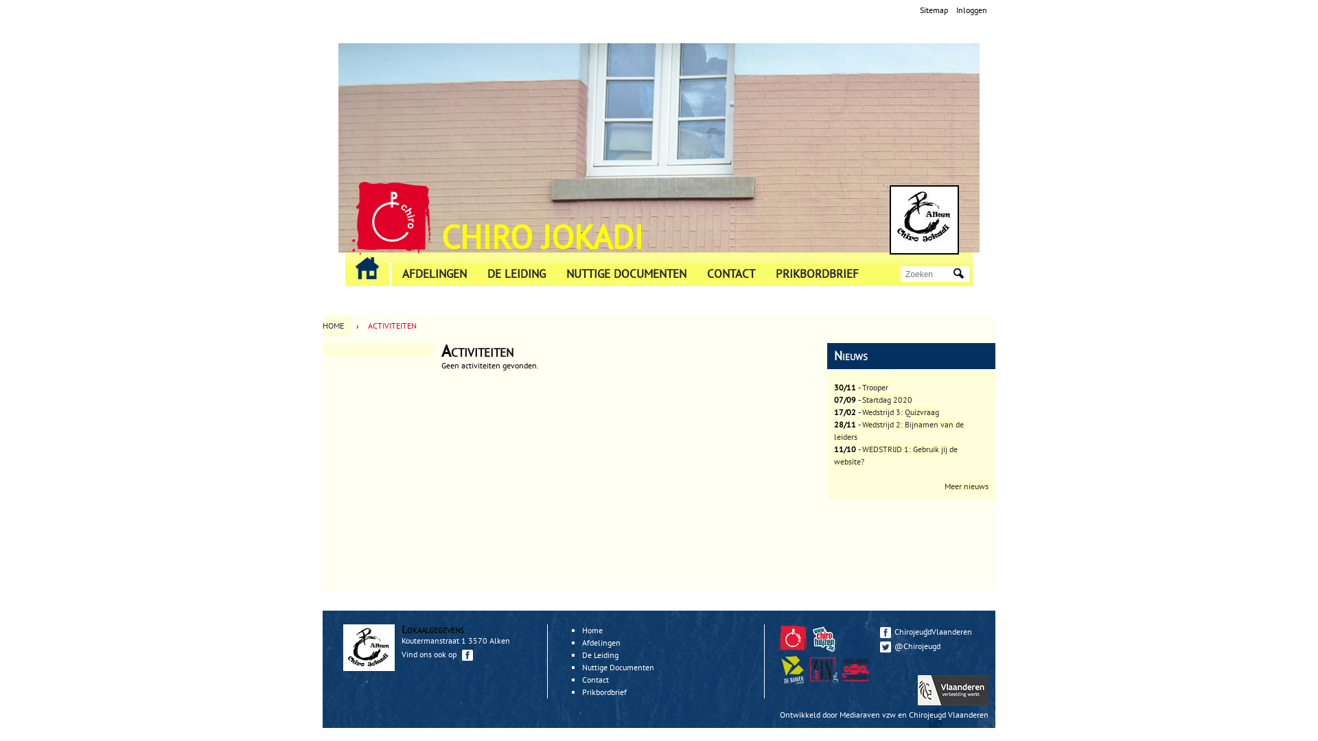 This screenshot has height=741, width=1318. I want to click on 'Geef de woorden op waarnaar u wilt zoeken.', so click(928, 274).